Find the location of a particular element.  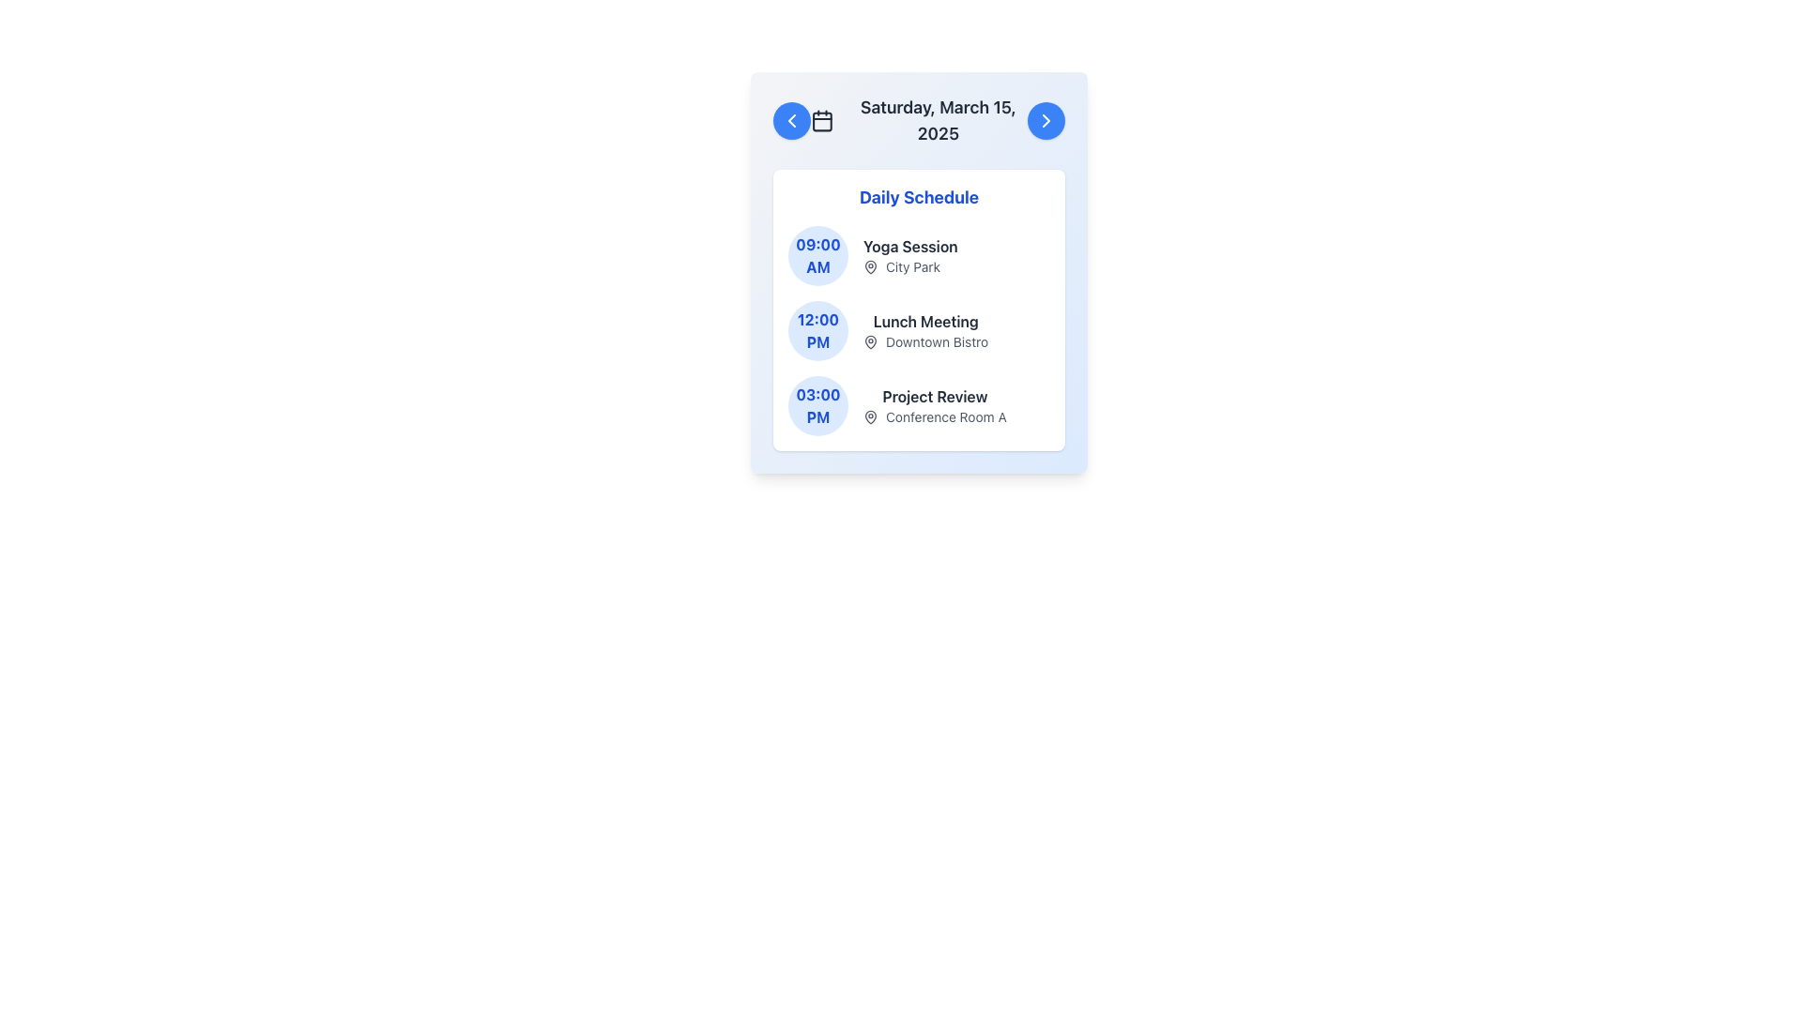

the third schedule entry displaying the meeting time '03:00 PM', title 'Project Review', and location 'Conference Room A' is located at coordinates (919, 404).